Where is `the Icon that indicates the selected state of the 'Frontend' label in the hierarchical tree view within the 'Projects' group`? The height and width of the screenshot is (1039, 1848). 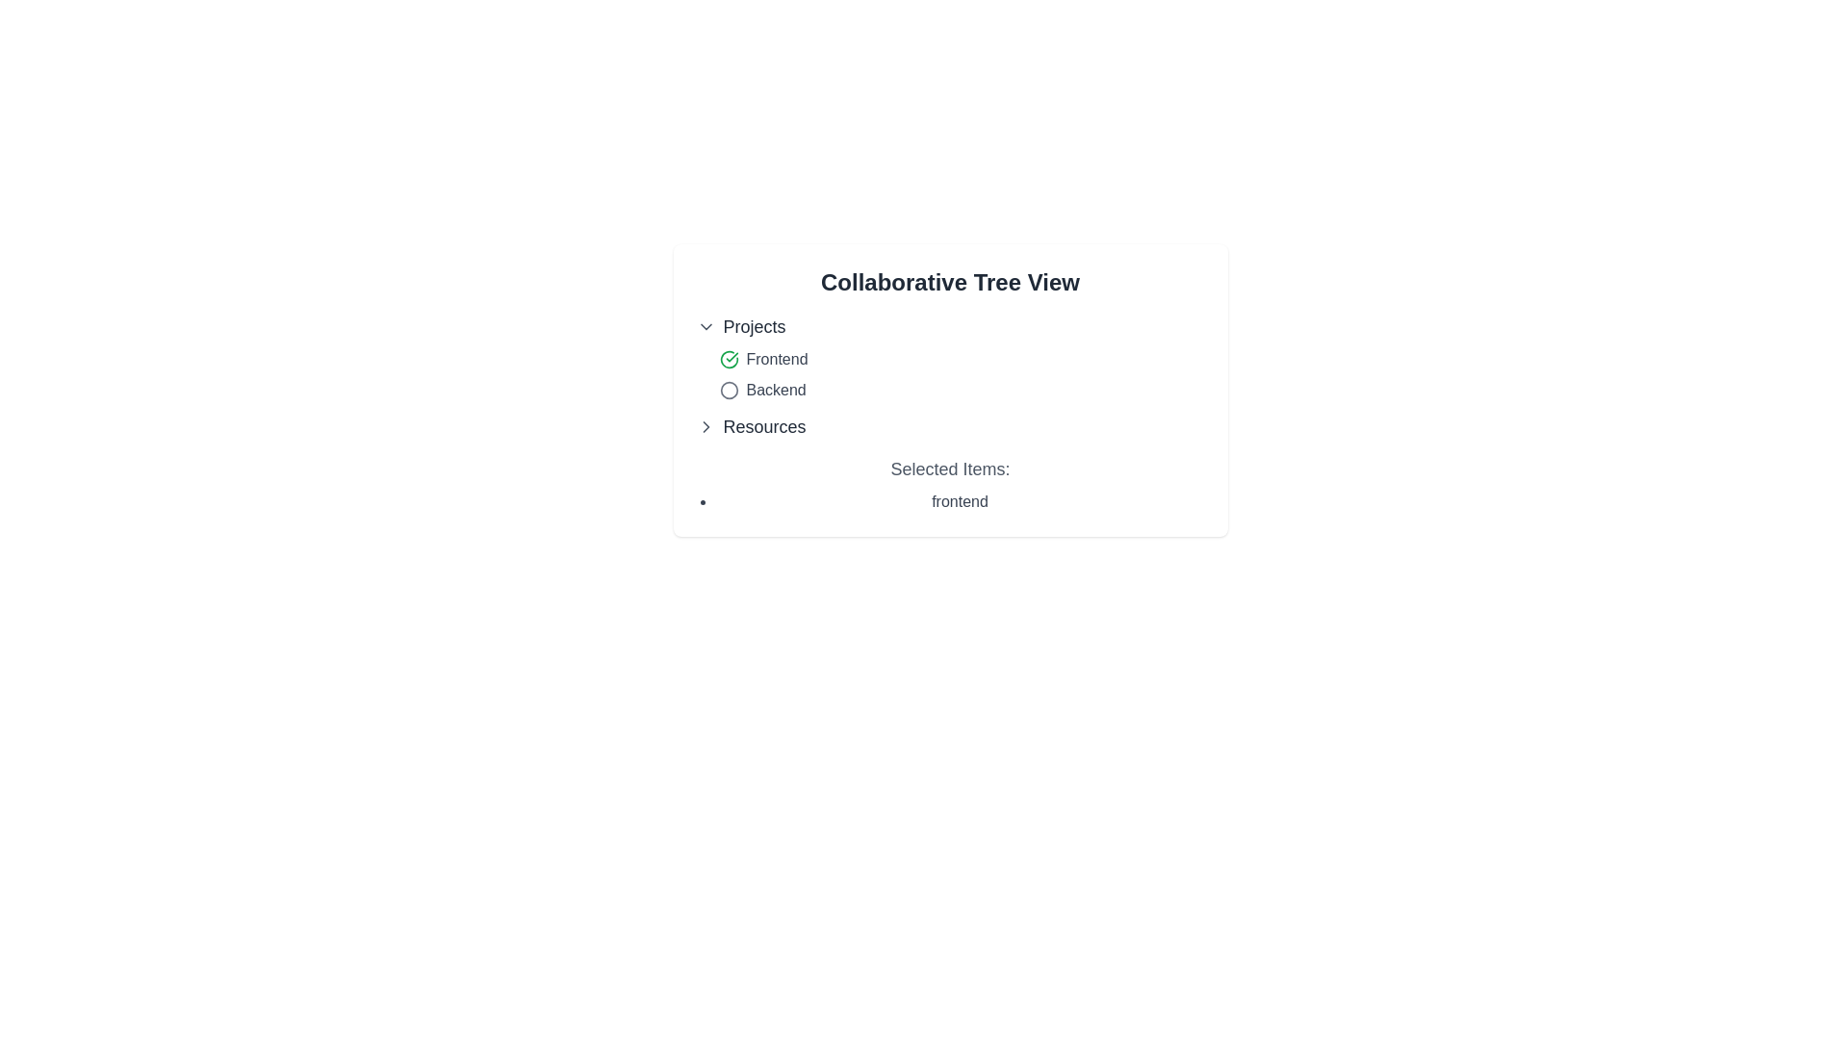 the Icon that indicates the selected state of the 'Frontend' label in the hierarchical tree view within the 'Projects' group is located at coordinates (728, 360).